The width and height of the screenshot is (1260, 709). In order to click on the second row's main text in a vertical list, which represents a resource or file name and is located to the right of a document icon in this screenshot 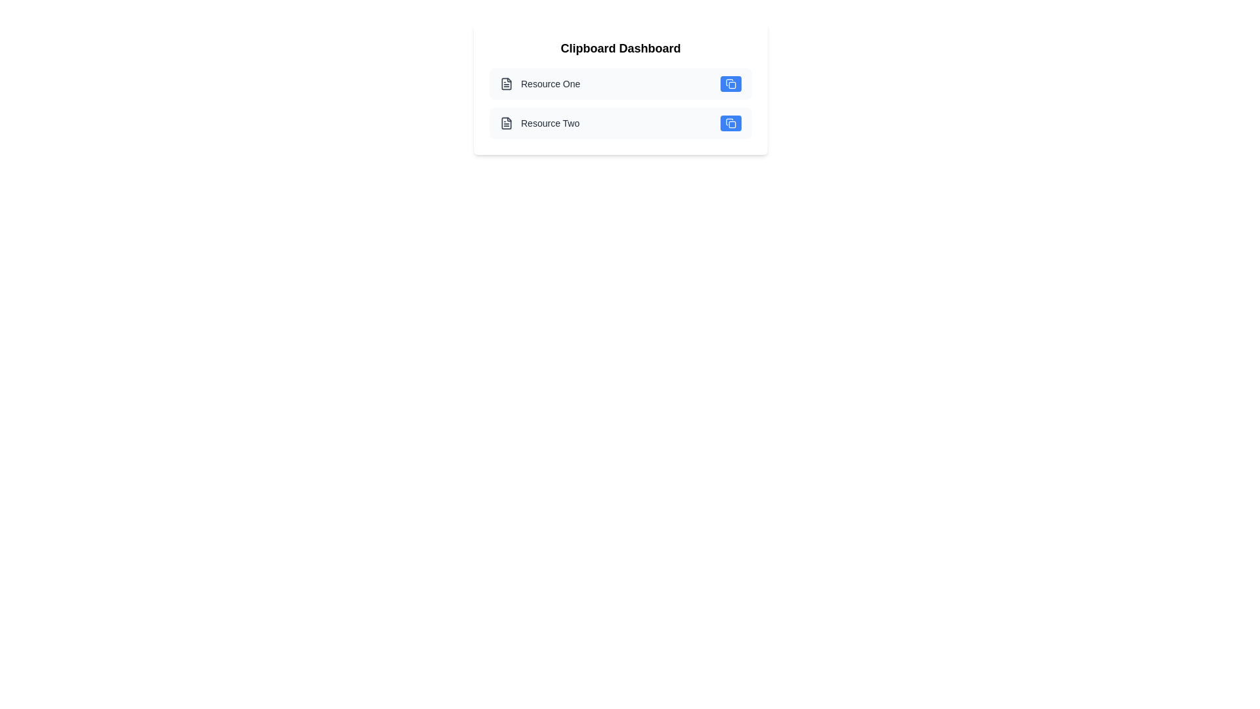, I will do `click(550, 123)`.